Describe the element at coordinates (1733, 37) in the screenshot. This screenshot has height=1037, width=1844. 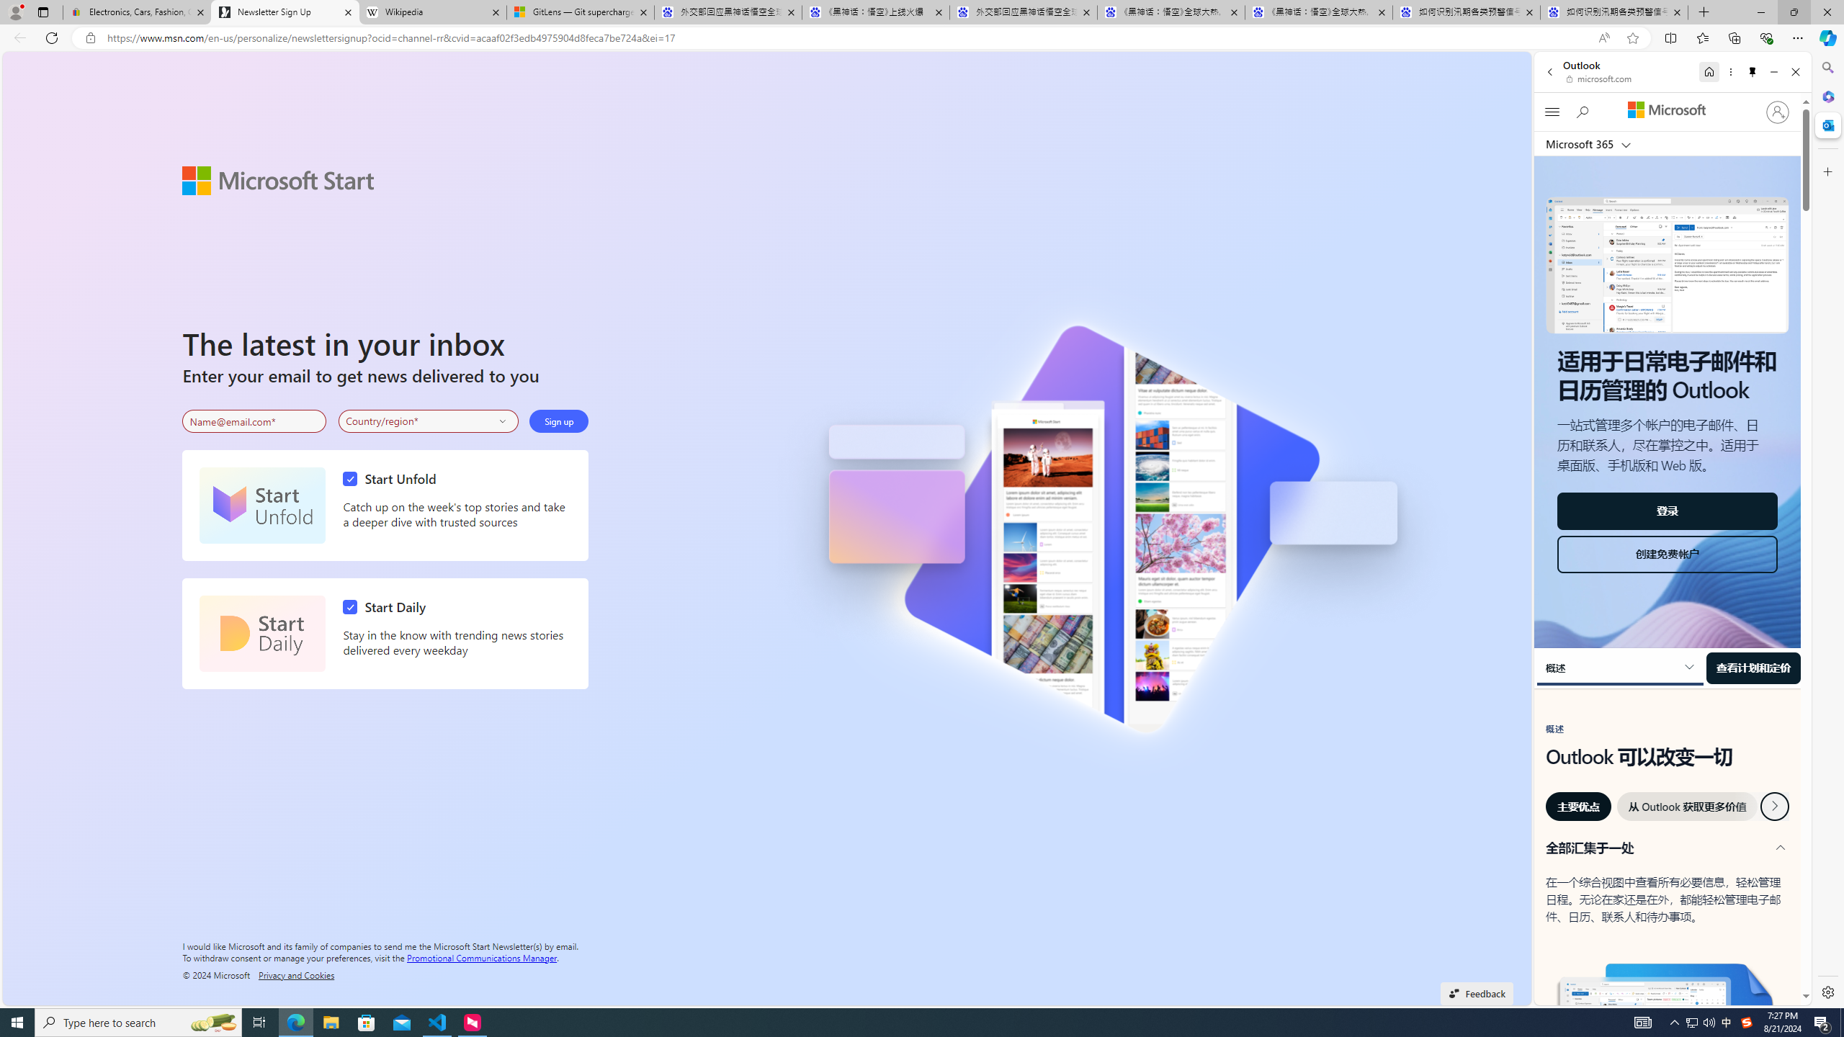
I see `'Collections'` at that location.